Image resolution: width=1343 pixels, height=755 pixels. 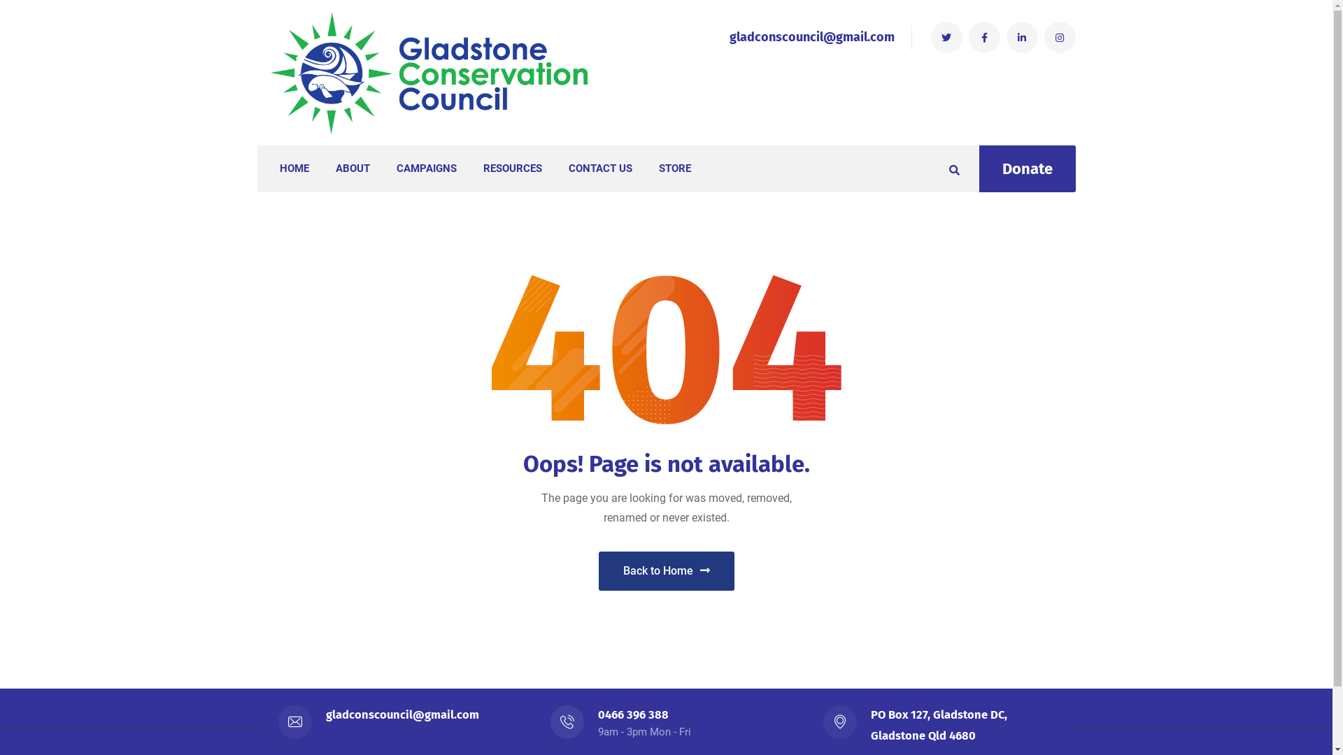 I want to click on 'RESOURCES', so click(x=483, y=168).